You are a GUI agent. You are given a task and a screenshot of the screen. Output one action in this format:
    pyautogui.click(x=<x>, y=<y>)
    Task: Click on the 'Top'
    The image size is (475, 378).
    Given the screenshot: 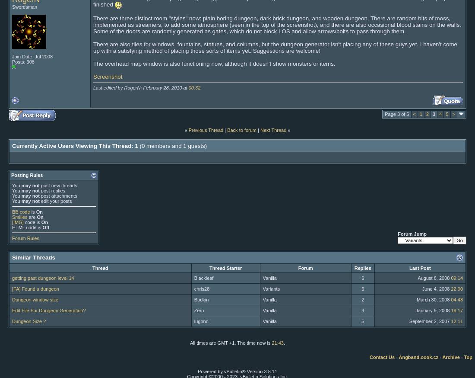 What is the action you would take?
    pyautogui.click(x=464, y=356)
    